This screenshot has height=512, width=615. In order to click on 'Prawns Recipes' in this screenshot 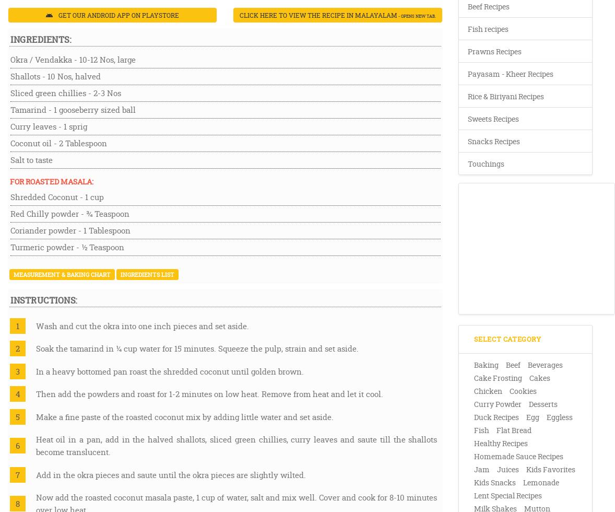, I will do `click(494, 51)`.